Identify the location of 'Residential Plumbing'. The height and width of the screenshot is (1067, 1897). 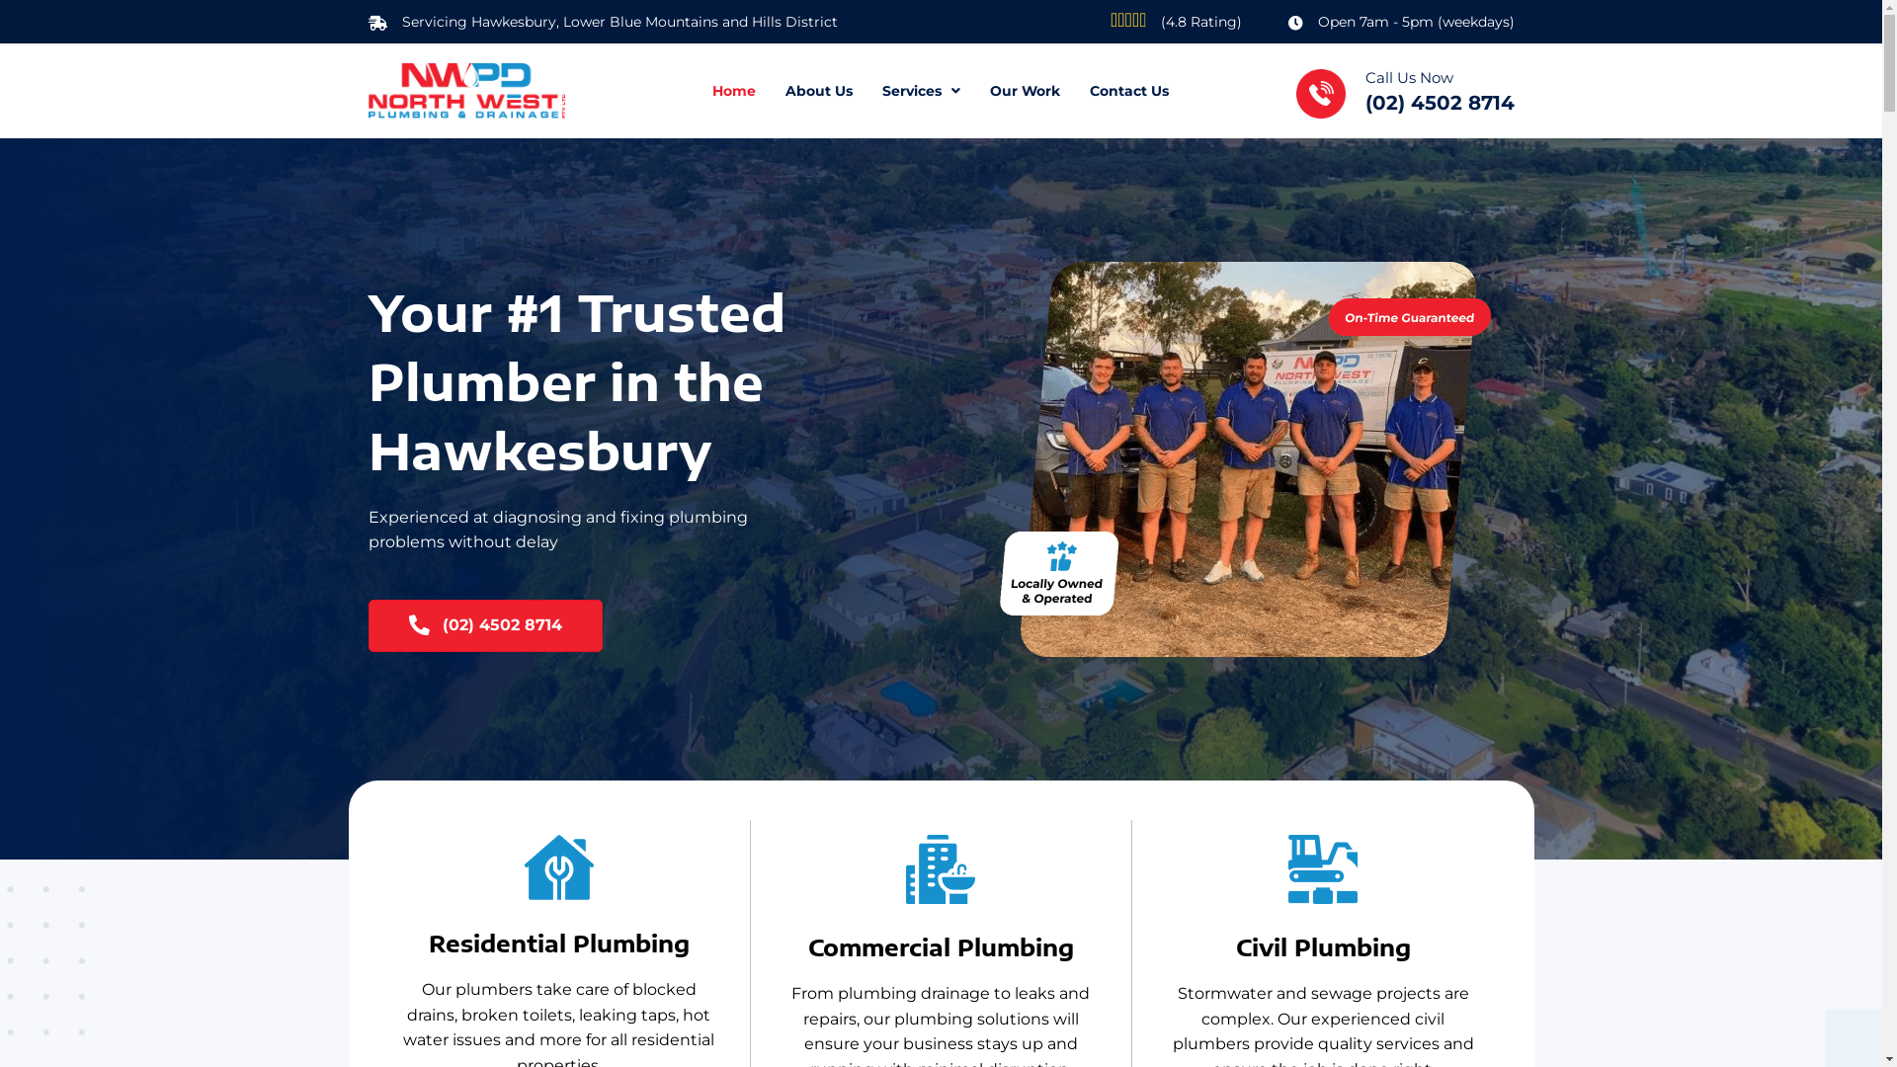
(558, 866).